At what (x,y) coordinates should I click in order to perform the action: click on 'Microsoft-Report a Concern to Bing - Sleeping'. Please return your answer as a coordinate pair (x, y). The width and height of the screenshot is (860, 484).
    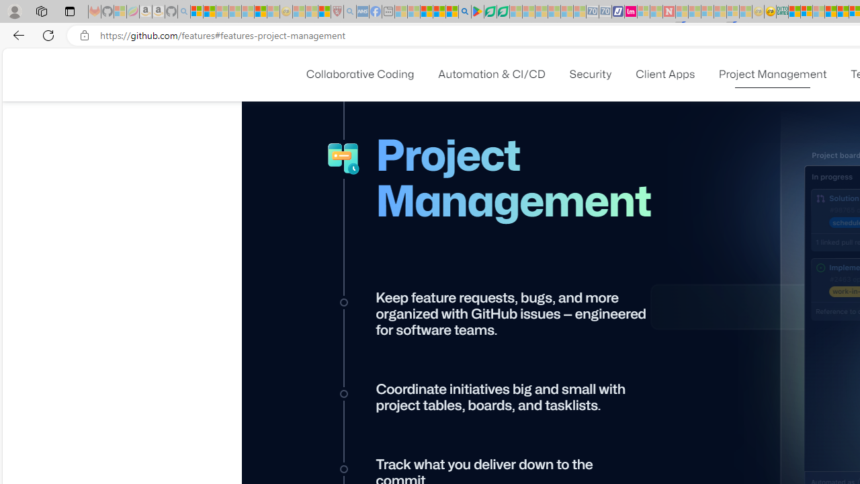
    Looking at the image, I should click on (120, 11).